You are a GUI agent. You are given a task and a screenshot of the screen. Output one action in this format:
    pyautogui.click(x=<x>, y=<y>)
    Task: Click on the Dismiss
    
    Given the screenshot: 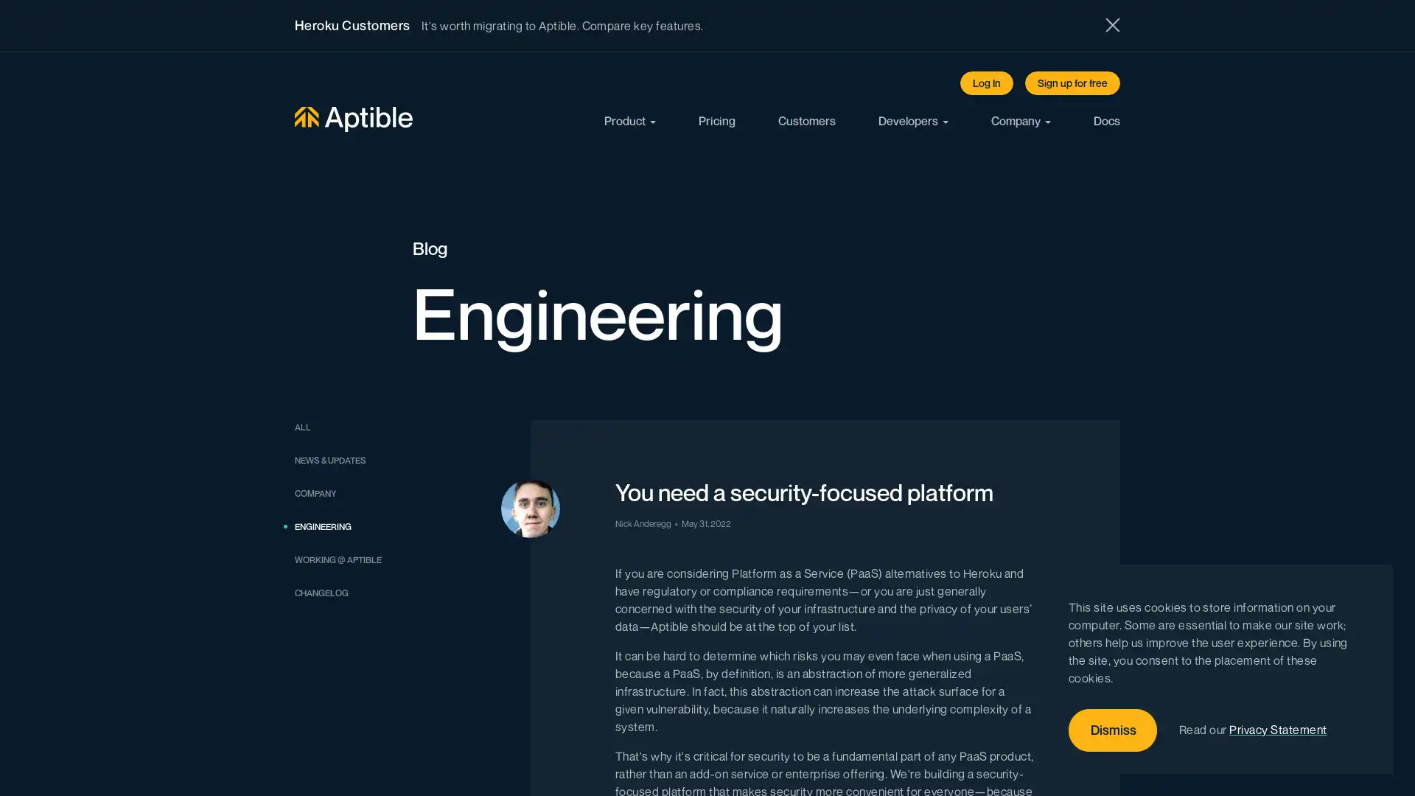 What is the action you would take?
    pyautogui.click(x=1113, y=730)
    